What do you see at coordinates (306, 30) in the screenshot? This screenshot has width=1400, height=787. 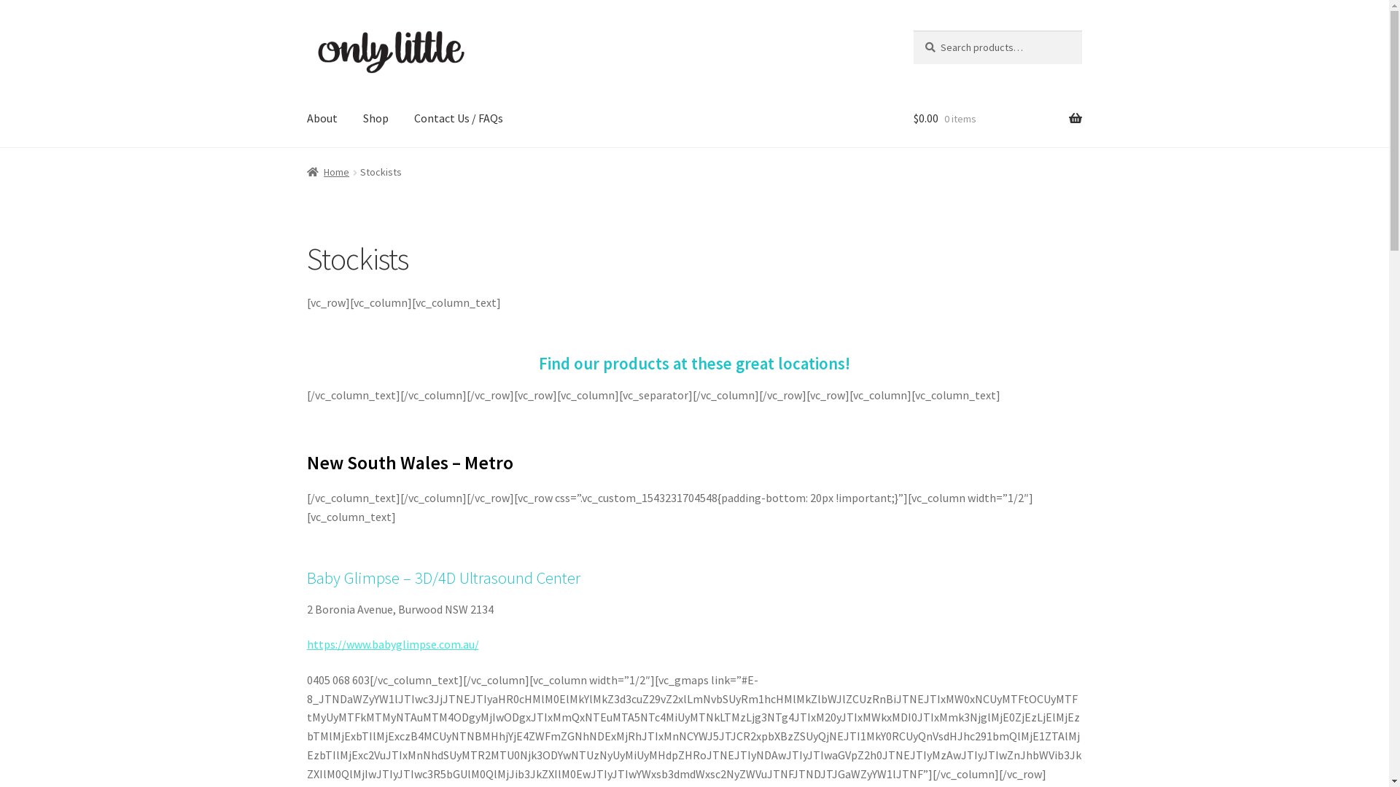 I see `'Skip to navigation'` at bounding box center [306, 30].